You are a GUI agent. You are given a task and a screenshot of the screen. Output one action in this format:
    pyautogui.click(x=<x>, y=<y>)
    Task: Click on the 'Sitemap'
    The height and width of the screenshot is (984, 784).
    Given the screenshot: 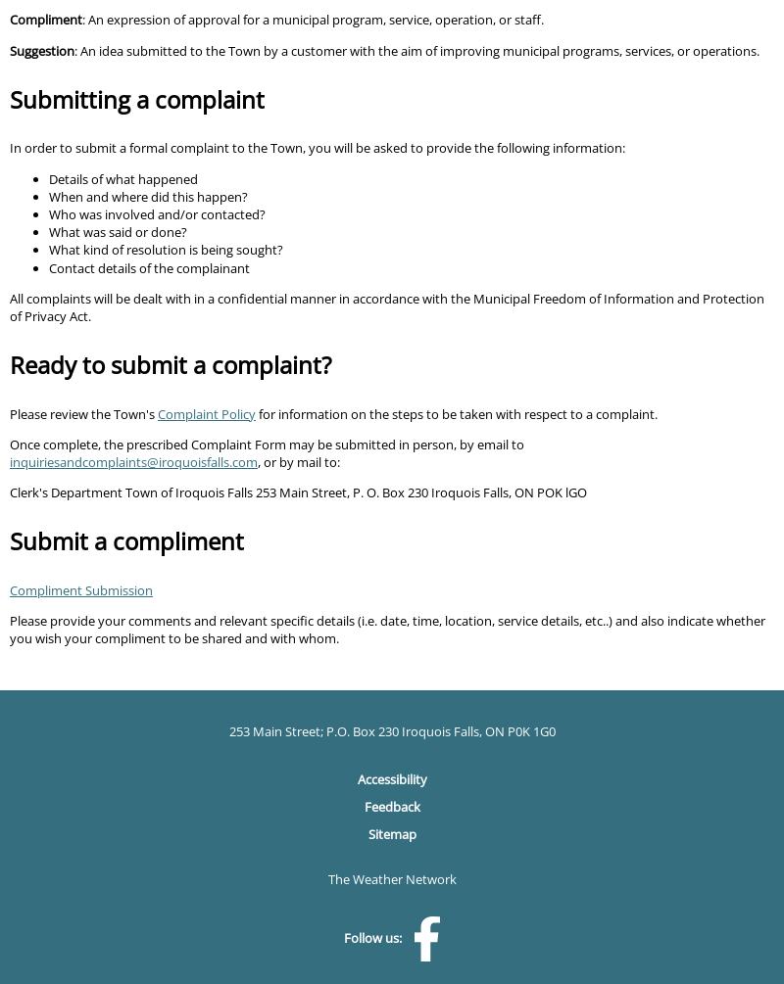 What is the action you would take?
    pyautogui.click(x=390, y=833)
    